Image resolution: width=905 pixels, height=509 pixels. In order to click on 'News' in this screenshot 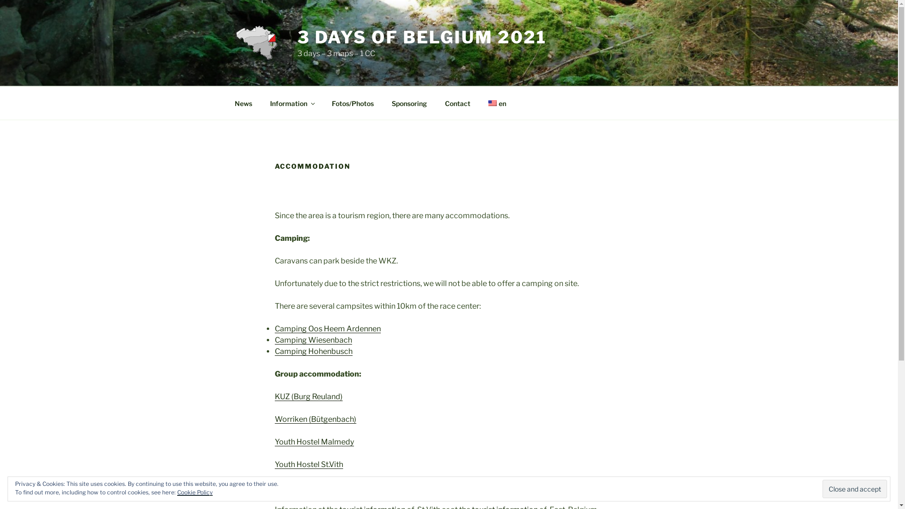, I will do `click(226, 103)`.